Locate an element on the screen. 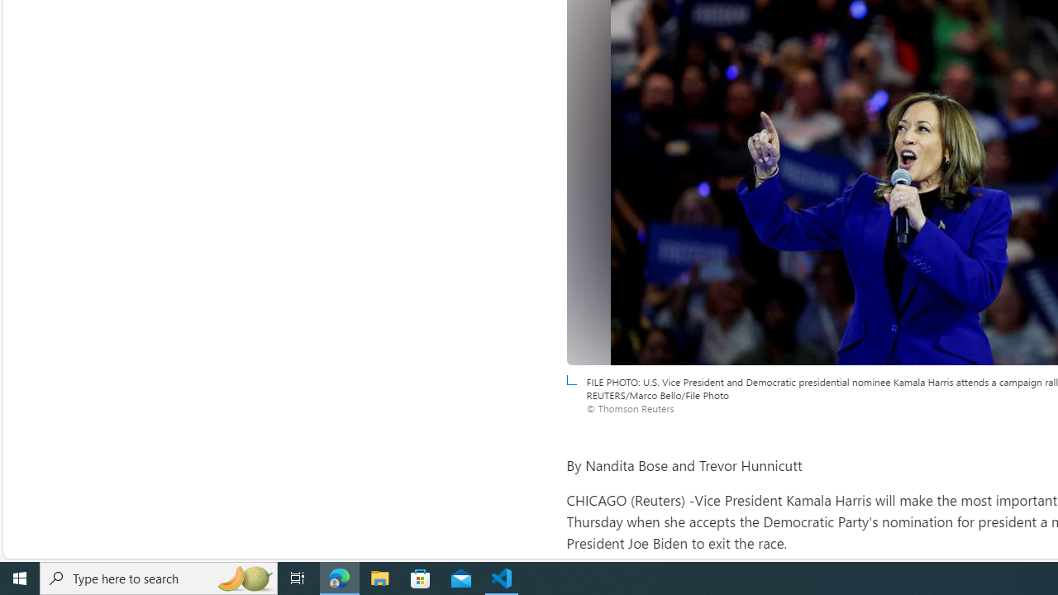  'Search highlights icon opens search home window' is located at coordinates (243, 577).